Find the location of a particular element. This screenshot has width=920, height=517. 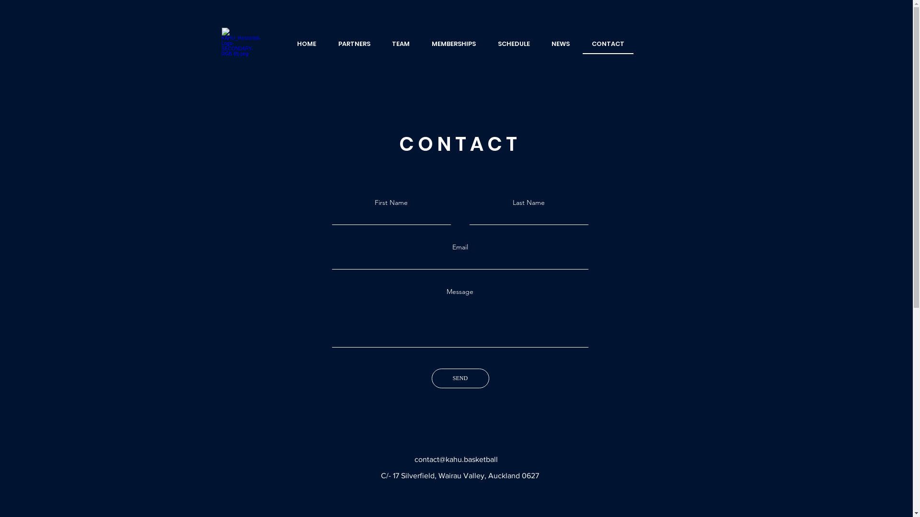

'SCHEDULE' is located at coordinates (488, 44).